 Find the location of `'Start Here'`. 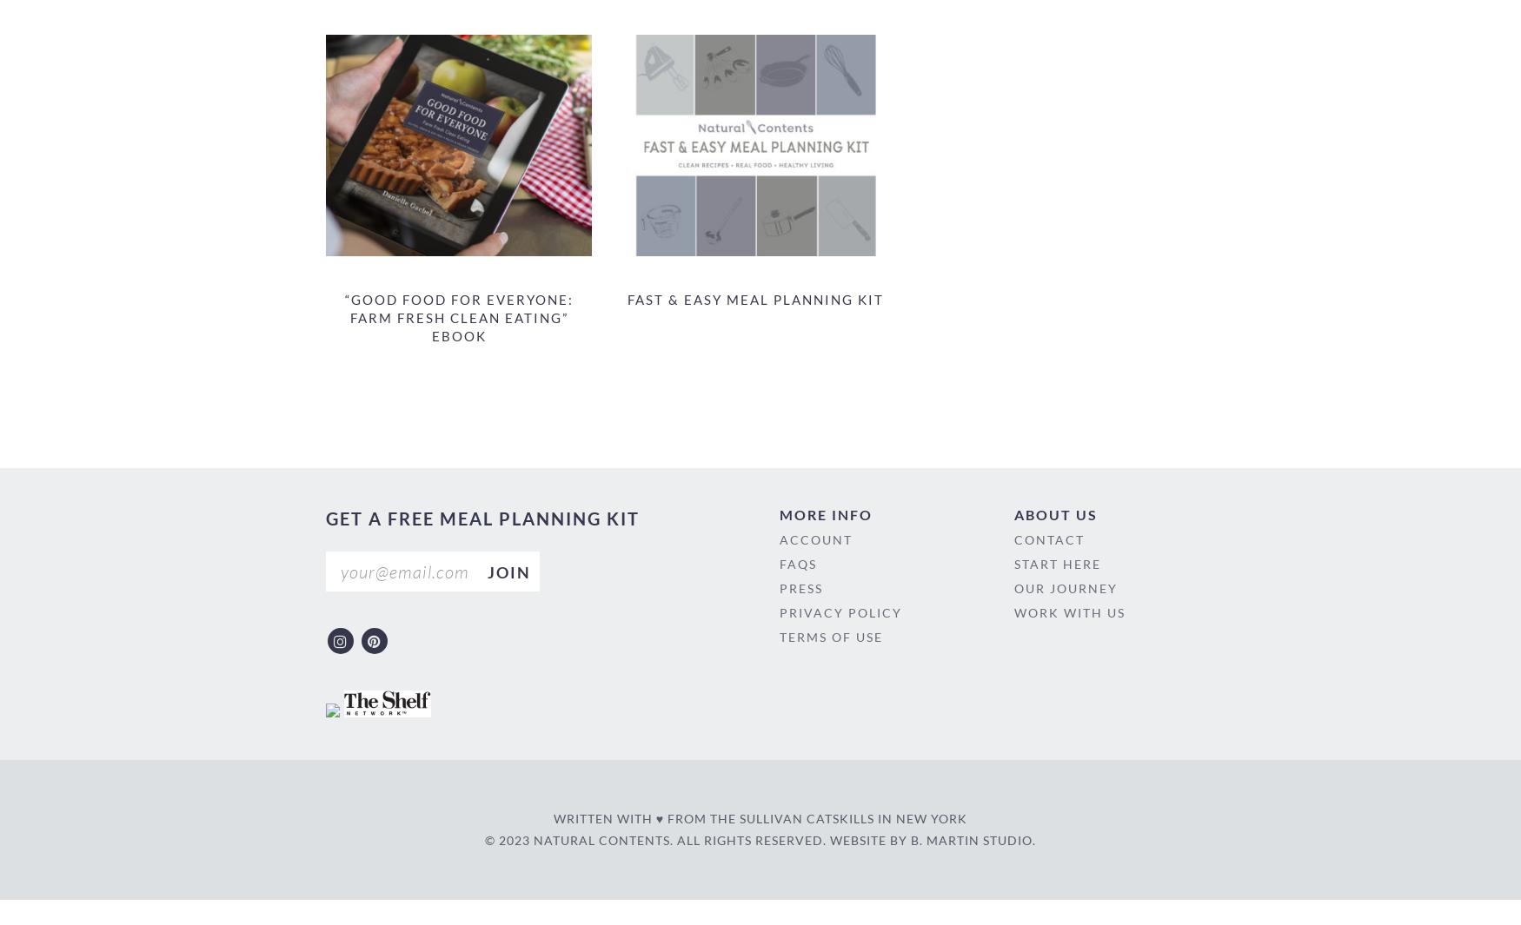

'Start Here' is located at coordinates (1057, 563).